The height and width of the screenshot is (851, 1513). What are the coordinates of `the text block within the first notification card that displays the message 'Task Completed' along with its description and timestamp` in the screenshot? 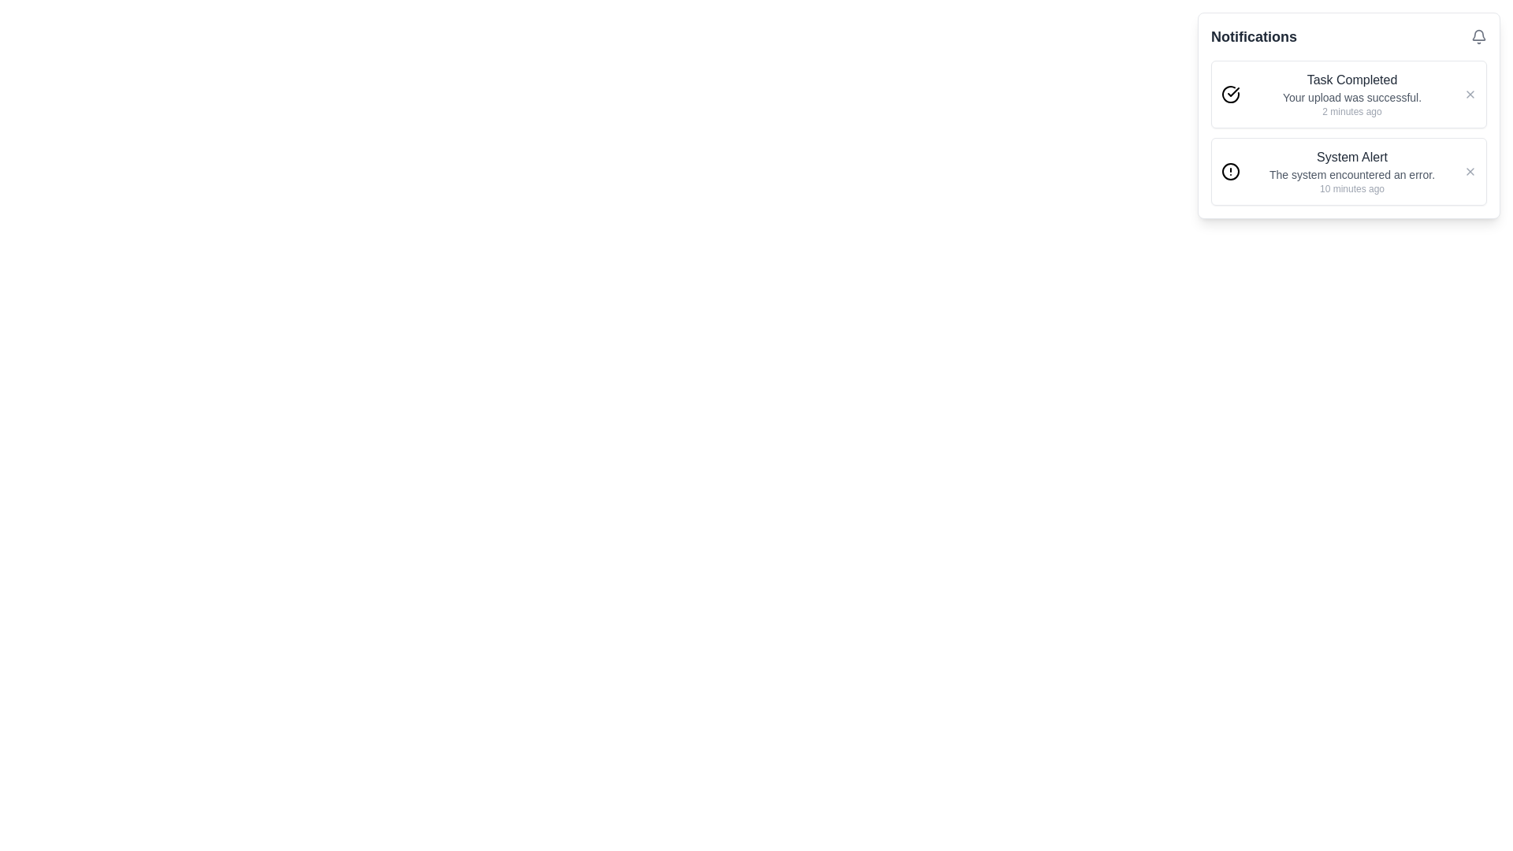 It's located at (1351, 94).